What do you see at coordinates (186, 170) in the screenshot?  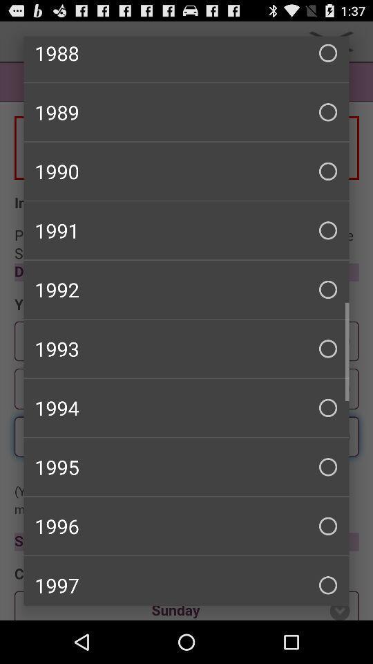 I see `the checkbox above the 1991 checkbox` at bounding box center [186, 170].